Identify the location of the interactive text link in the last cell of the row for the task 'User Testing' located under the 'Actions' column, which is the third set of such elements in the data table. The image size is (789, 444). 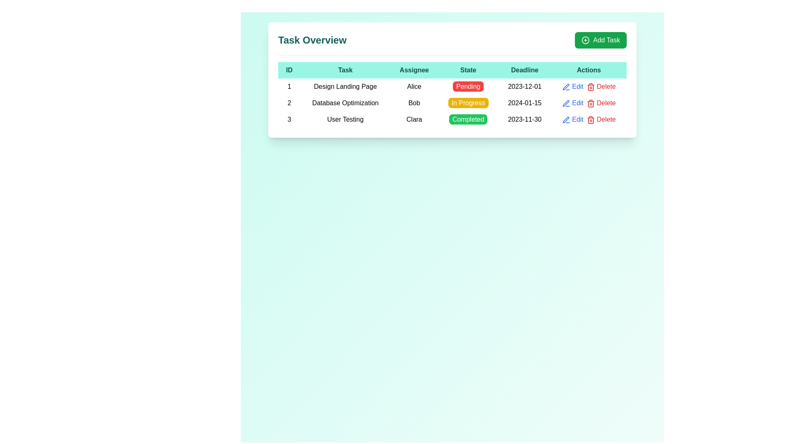
(588, 119).